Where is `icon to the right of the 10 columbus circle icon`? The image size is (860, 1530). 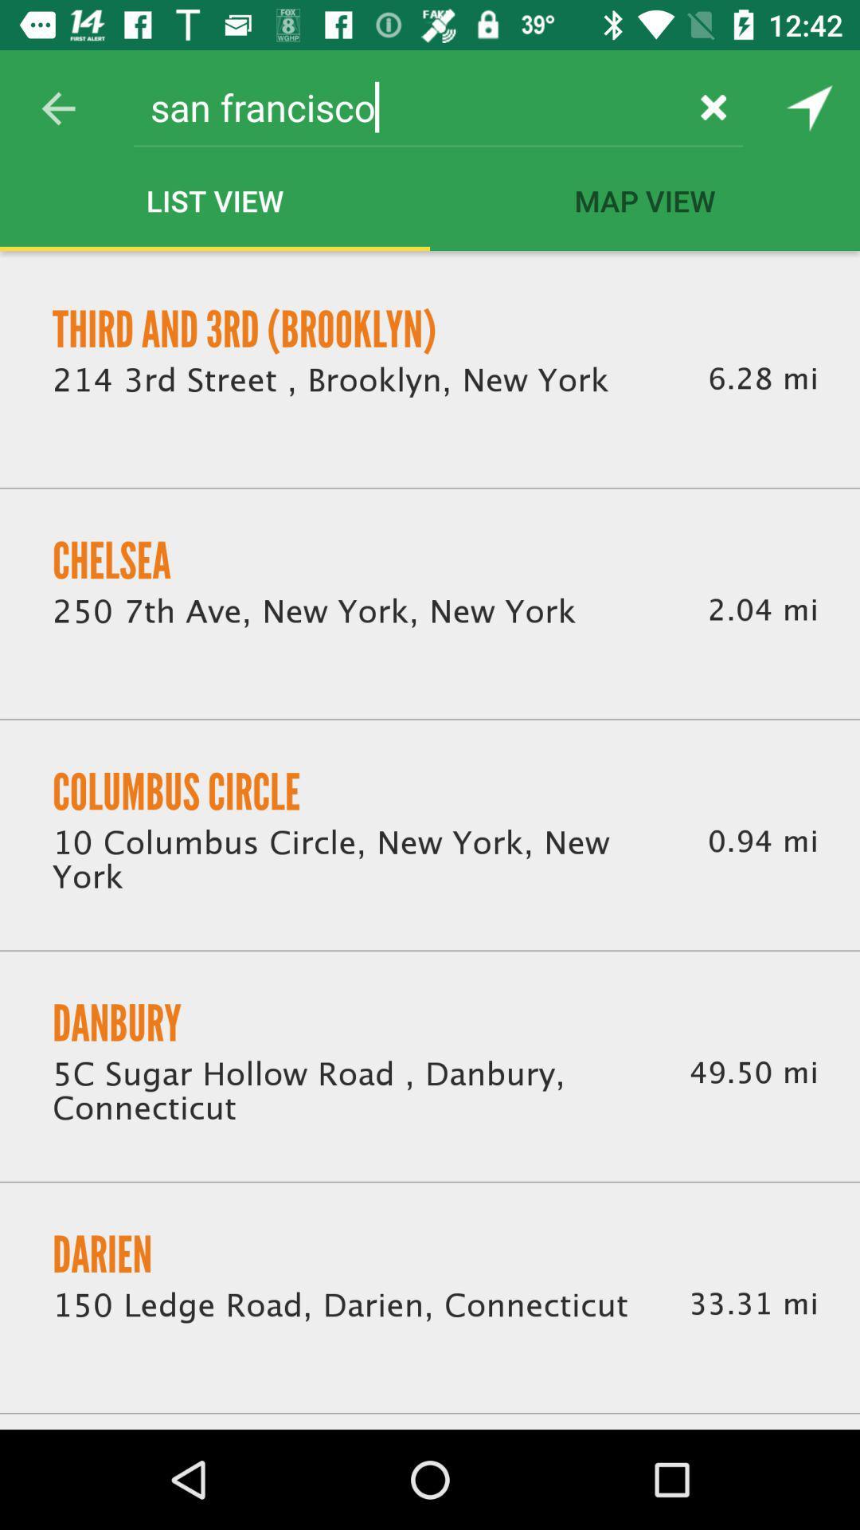 icon to the right of the 10 columbus circle icon is located at coordinates (762, 841).